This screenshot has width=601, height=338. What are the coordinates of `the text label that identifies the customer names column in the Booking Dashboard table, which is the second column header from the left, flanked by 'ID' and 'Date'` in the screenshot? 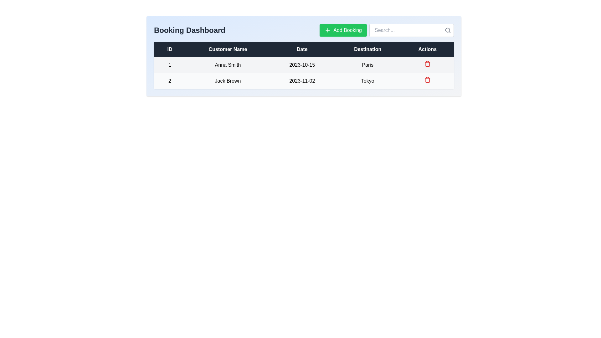 It's located at (227, 49).